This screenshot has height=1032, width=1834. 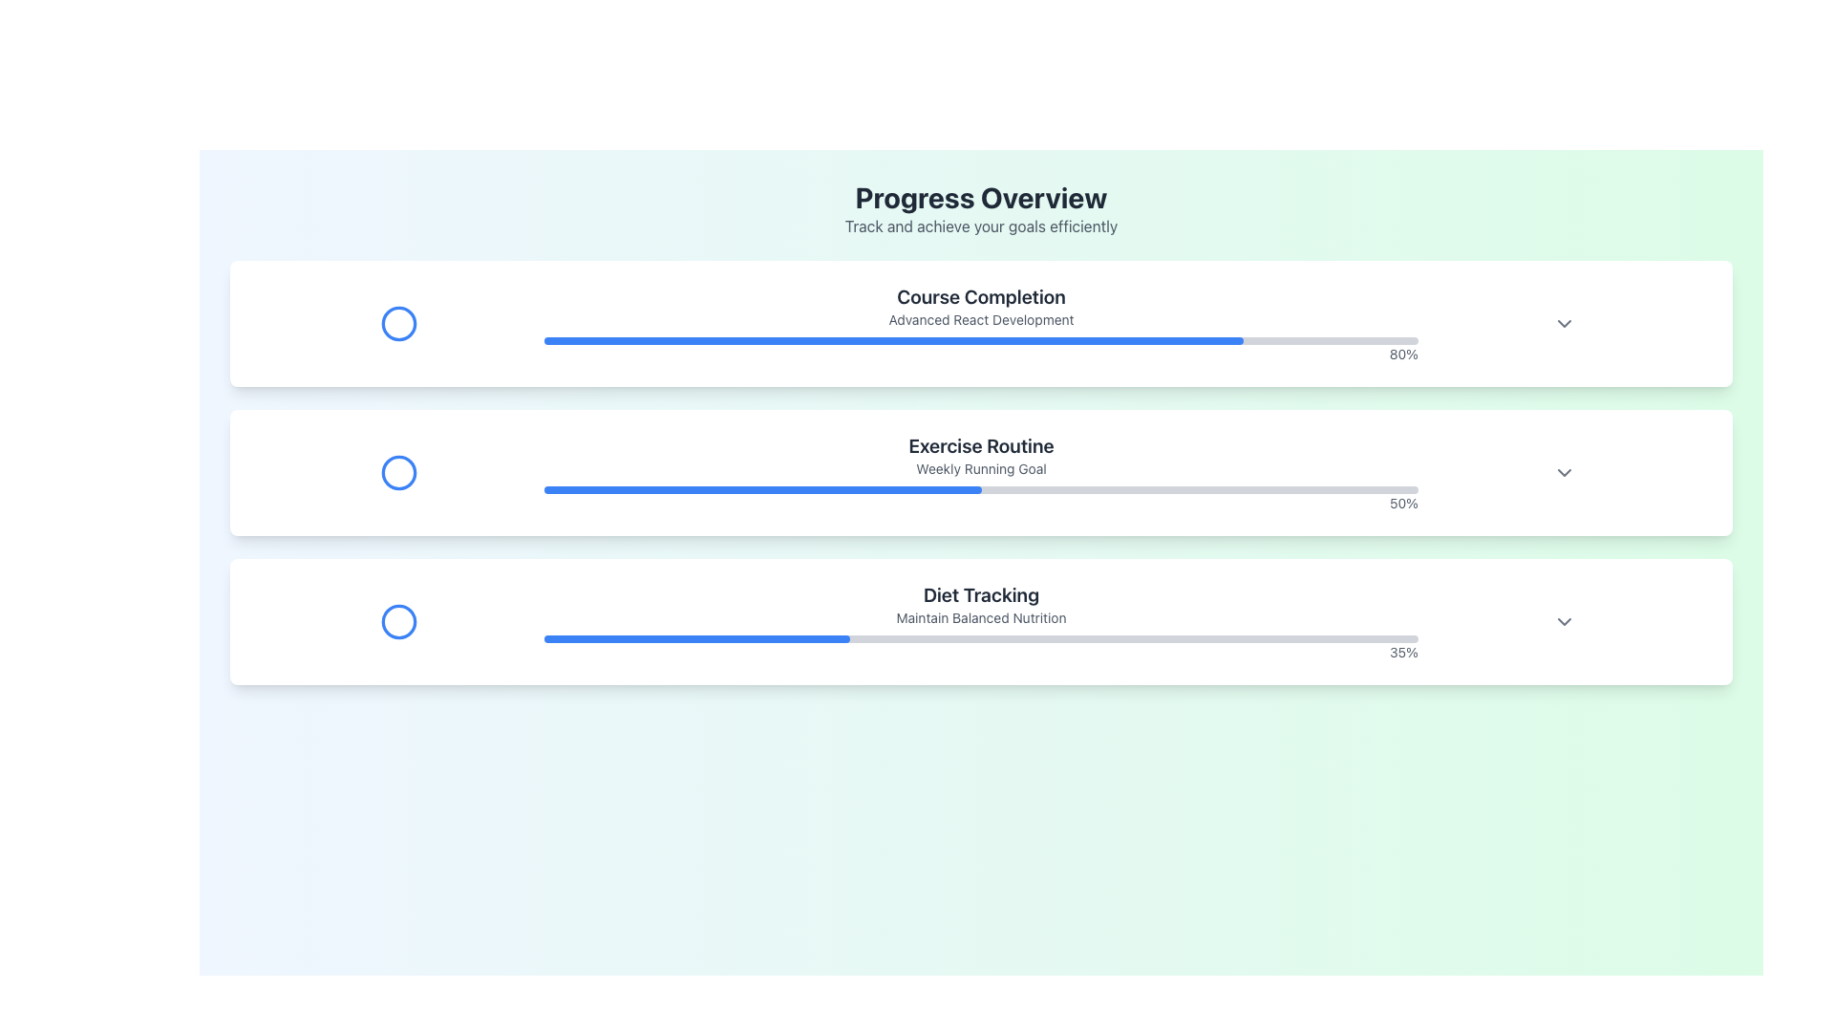 I want to click on the percentage value '50%' displayed on the progress bar located in the 'Exercise Routine' section beneath the 'Weekly Running Goal' subheader, so click(x=981, y=499).